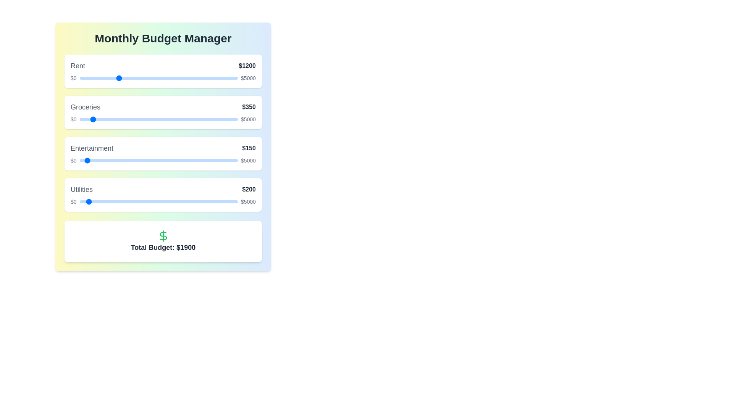  Describe the element at coordinates (99, 160) in the screenshot. I see `the entertainment budget slider` at that location.